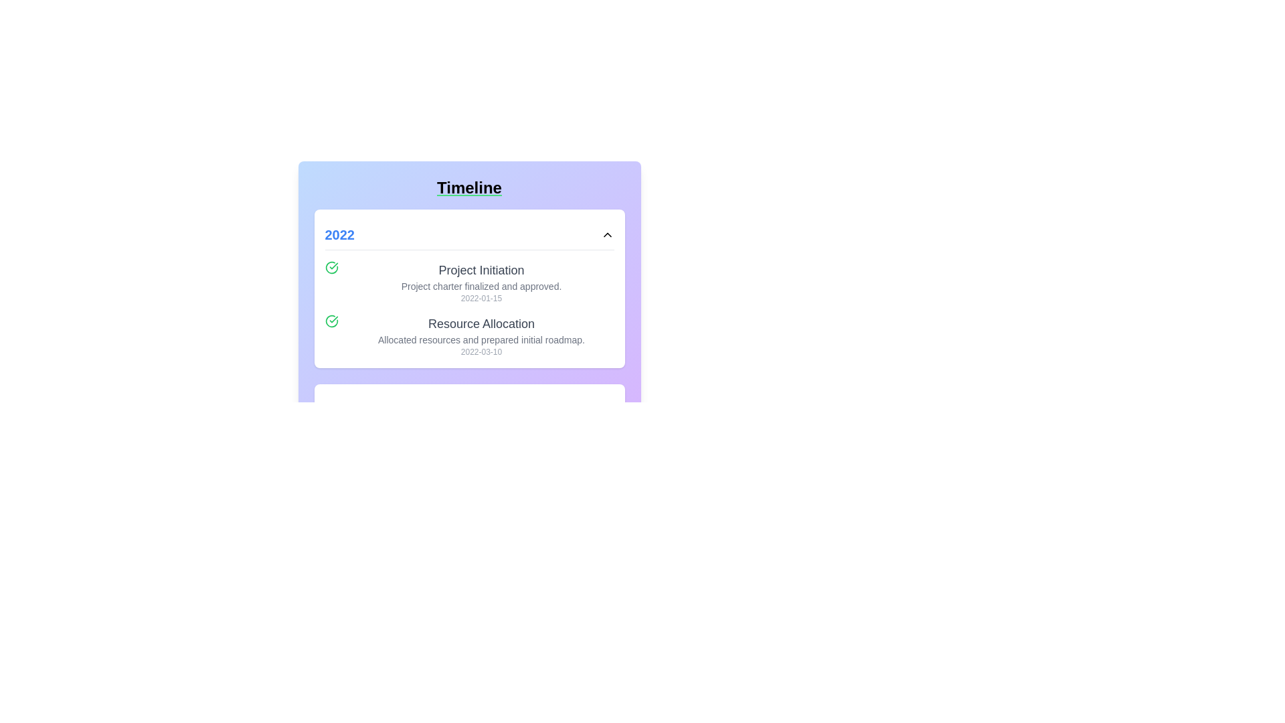 This screenshot has height=723, width=1285. Describe the element at coordinates (481, 298) in the screenshot. I see `the small text displaying the date '2022-01-15' to view it in detail` at that location.